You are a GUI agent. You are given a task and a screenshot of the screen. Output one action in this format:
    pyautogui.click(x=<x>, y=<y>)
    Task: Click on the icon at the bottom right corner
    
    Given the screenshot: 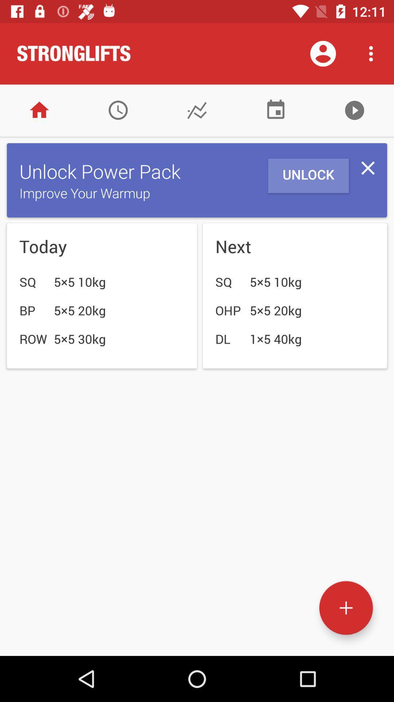 What is the action you would take?
    pyautogui.click(x=345, y=608)
    